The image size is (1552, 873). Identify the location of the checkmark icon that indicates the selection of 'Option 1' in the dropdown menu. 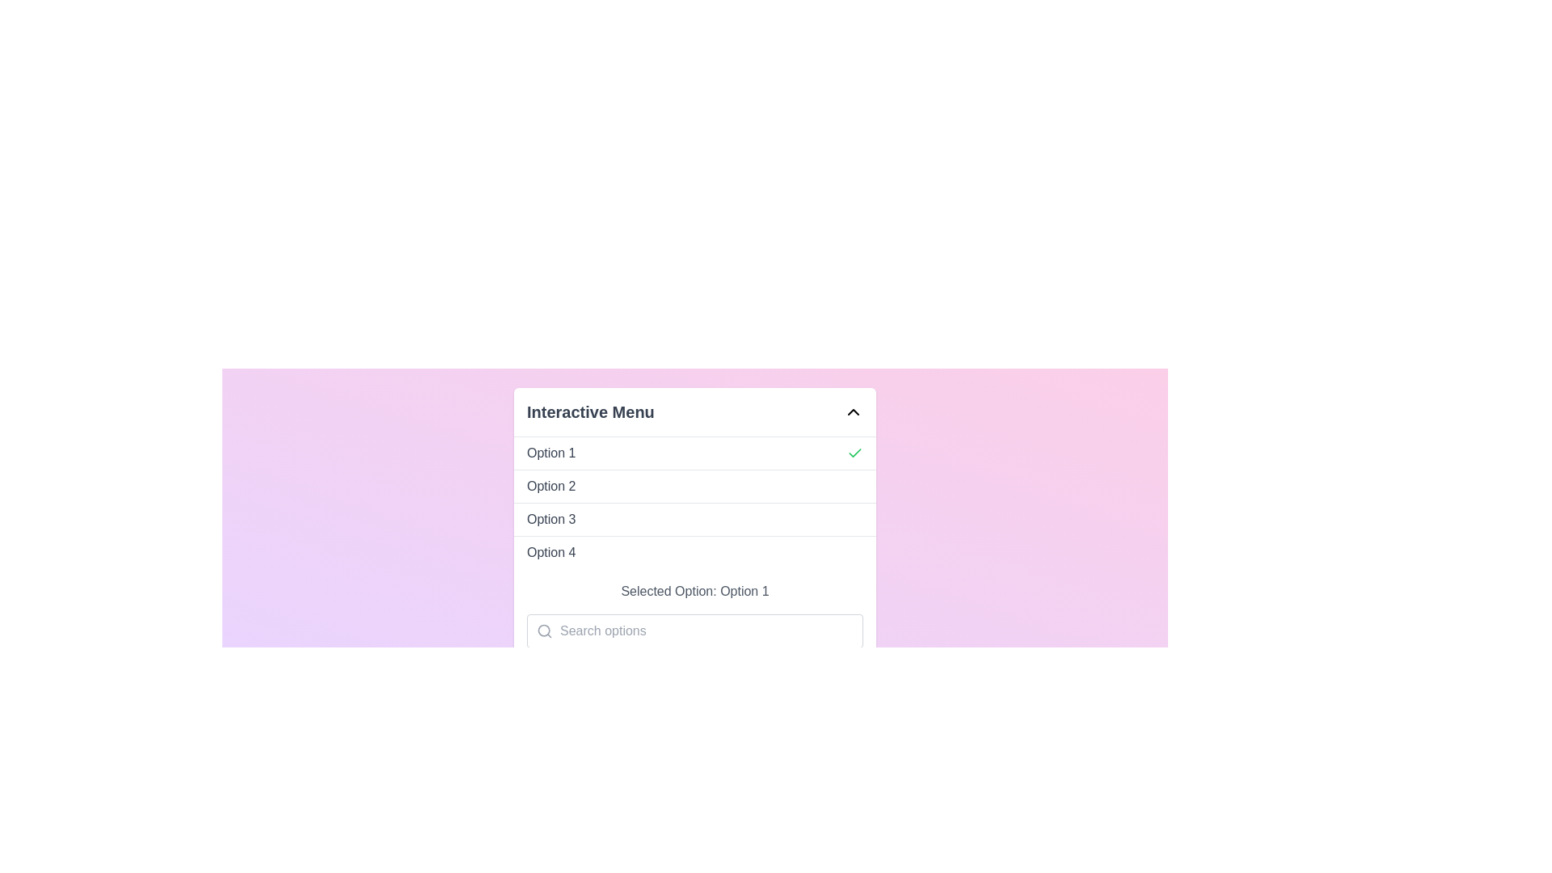
(854, 452).